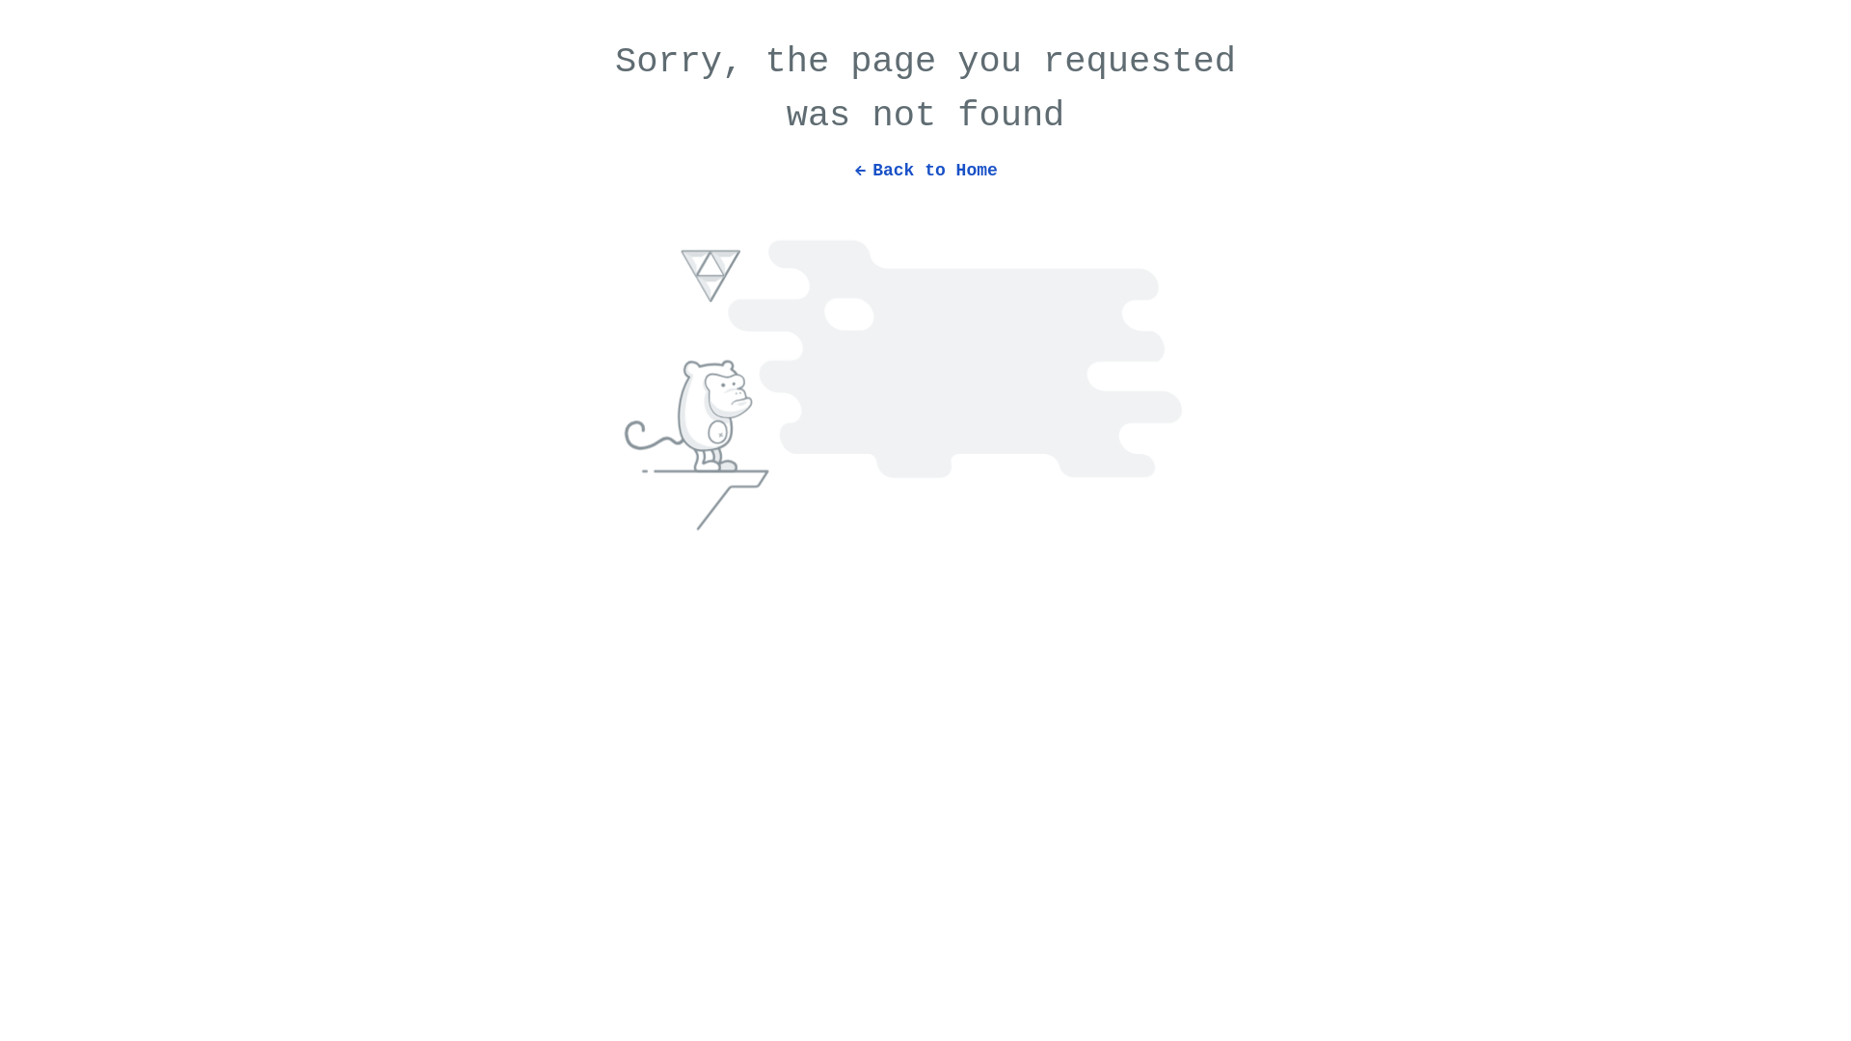 This screenshot has width=1851, height=1041. Describe the element at coordinates (925, 159) in the screenshot. I see `'Back to Home'` at that location.